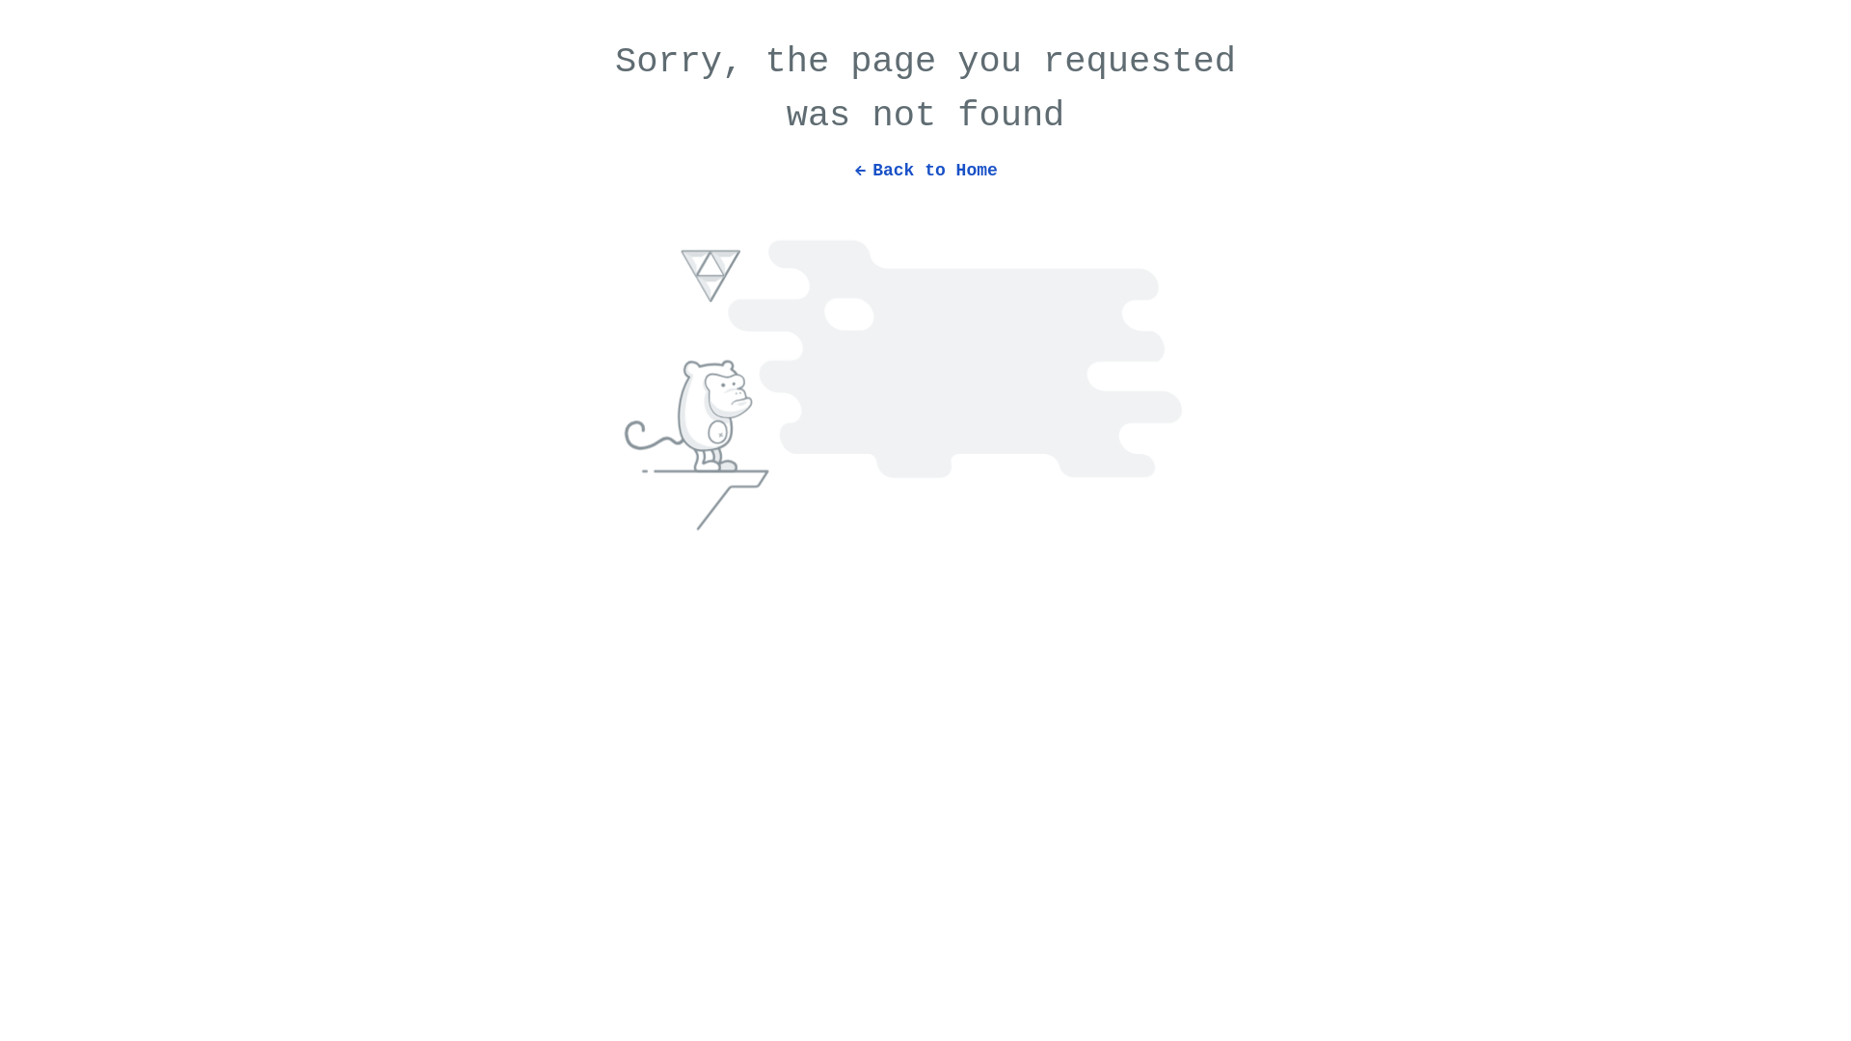 This screenshot has width=1851, height=1041. Describe the element at coordinates (925, 159) in the screenshot. I see `'Back to Home'` at that location.